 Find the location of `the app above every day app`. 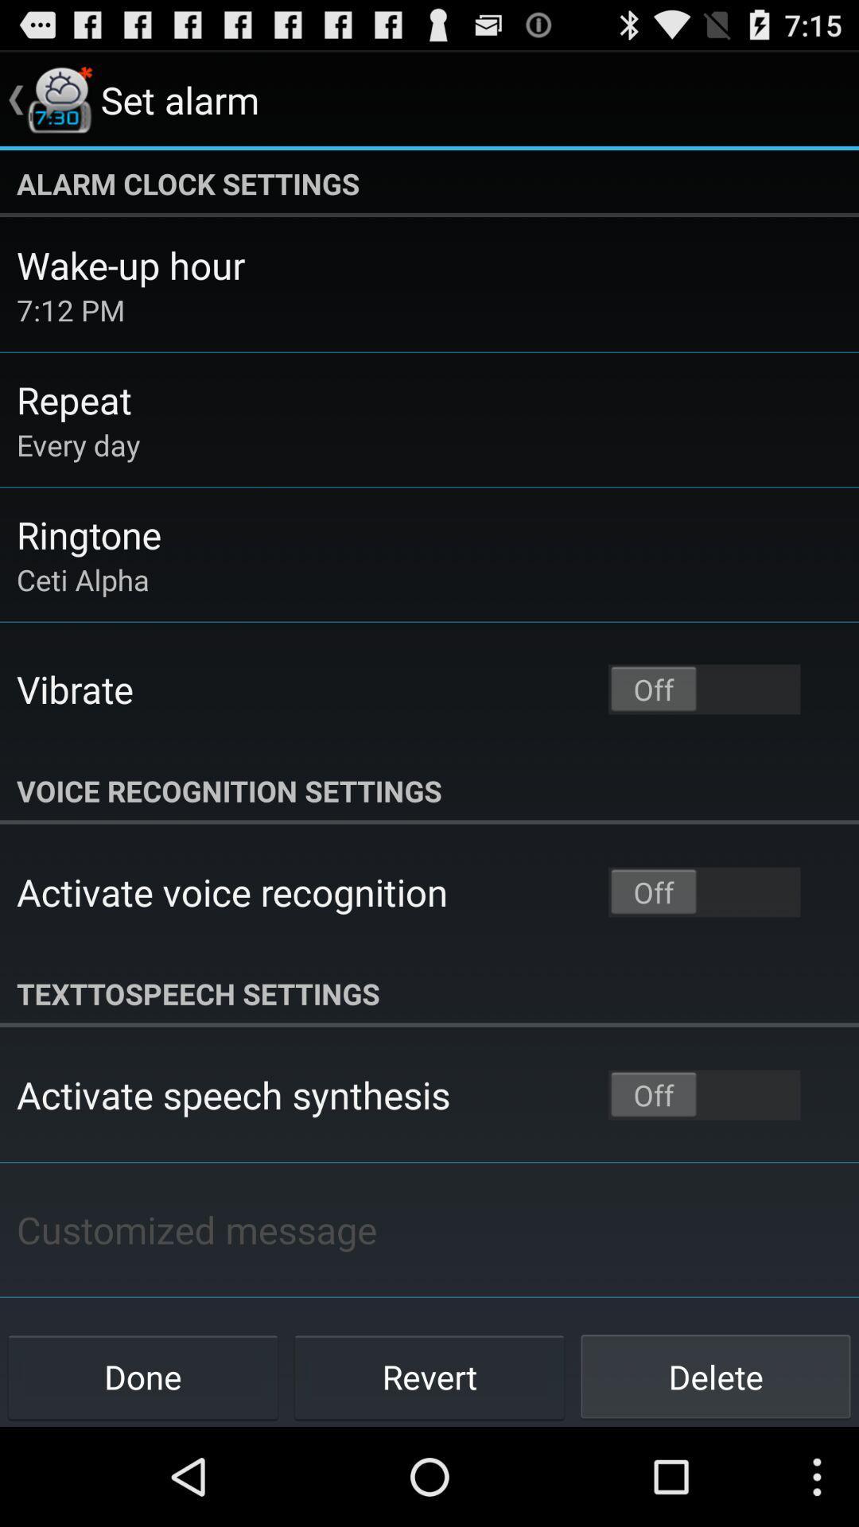

the app above every day app is located at coordinates (74, 399).